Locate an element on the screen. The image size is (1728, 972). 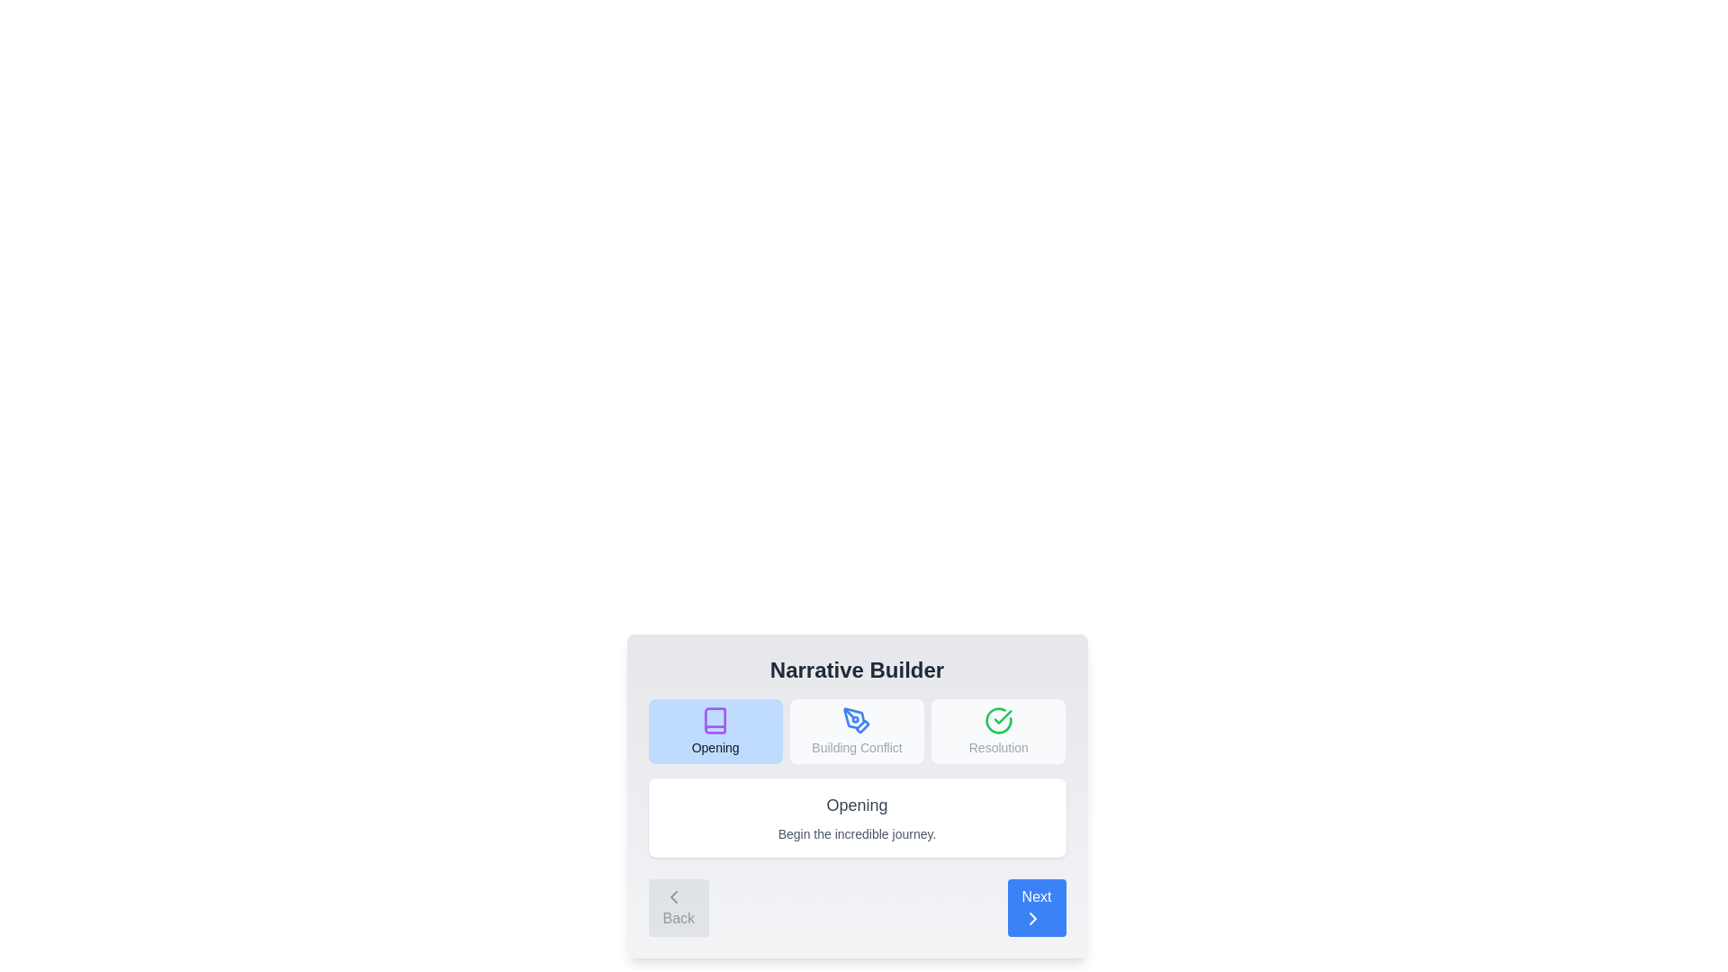
the icon for the step Opening to select it is located at coordinates (715, 720).